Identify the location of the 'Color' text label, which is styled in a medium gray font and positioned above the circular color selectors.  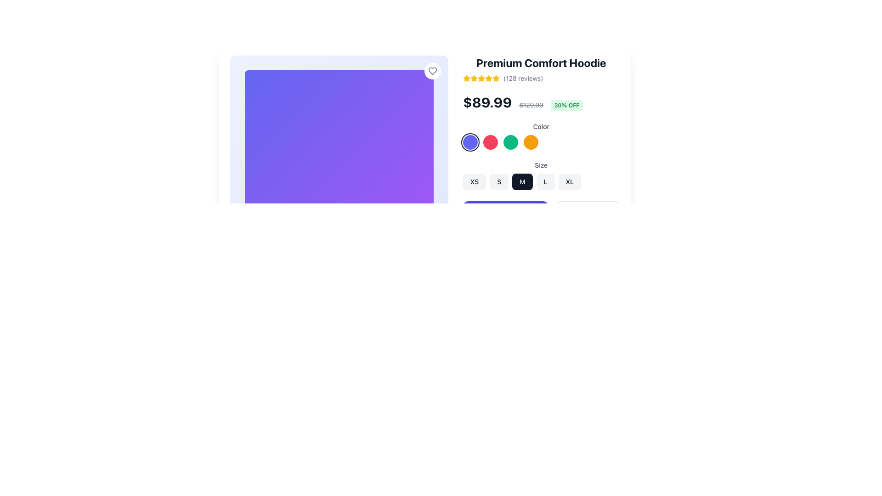
(541, 127).